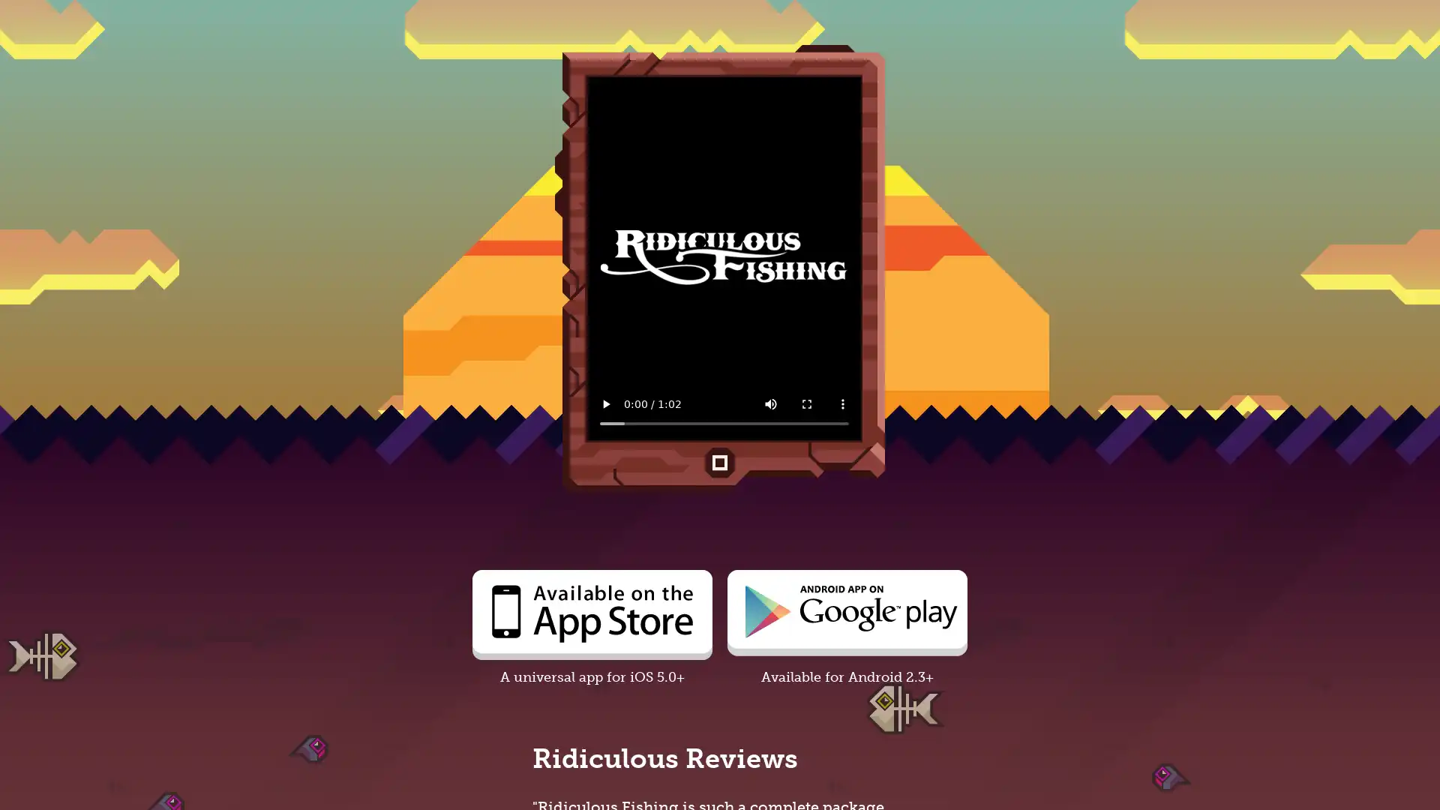 The width and height of the screenshot is (1440, 810). What do you see at coordinates (842, 403) in the screenshot?
I see `show more media controls` at bounding box center [842, 403].